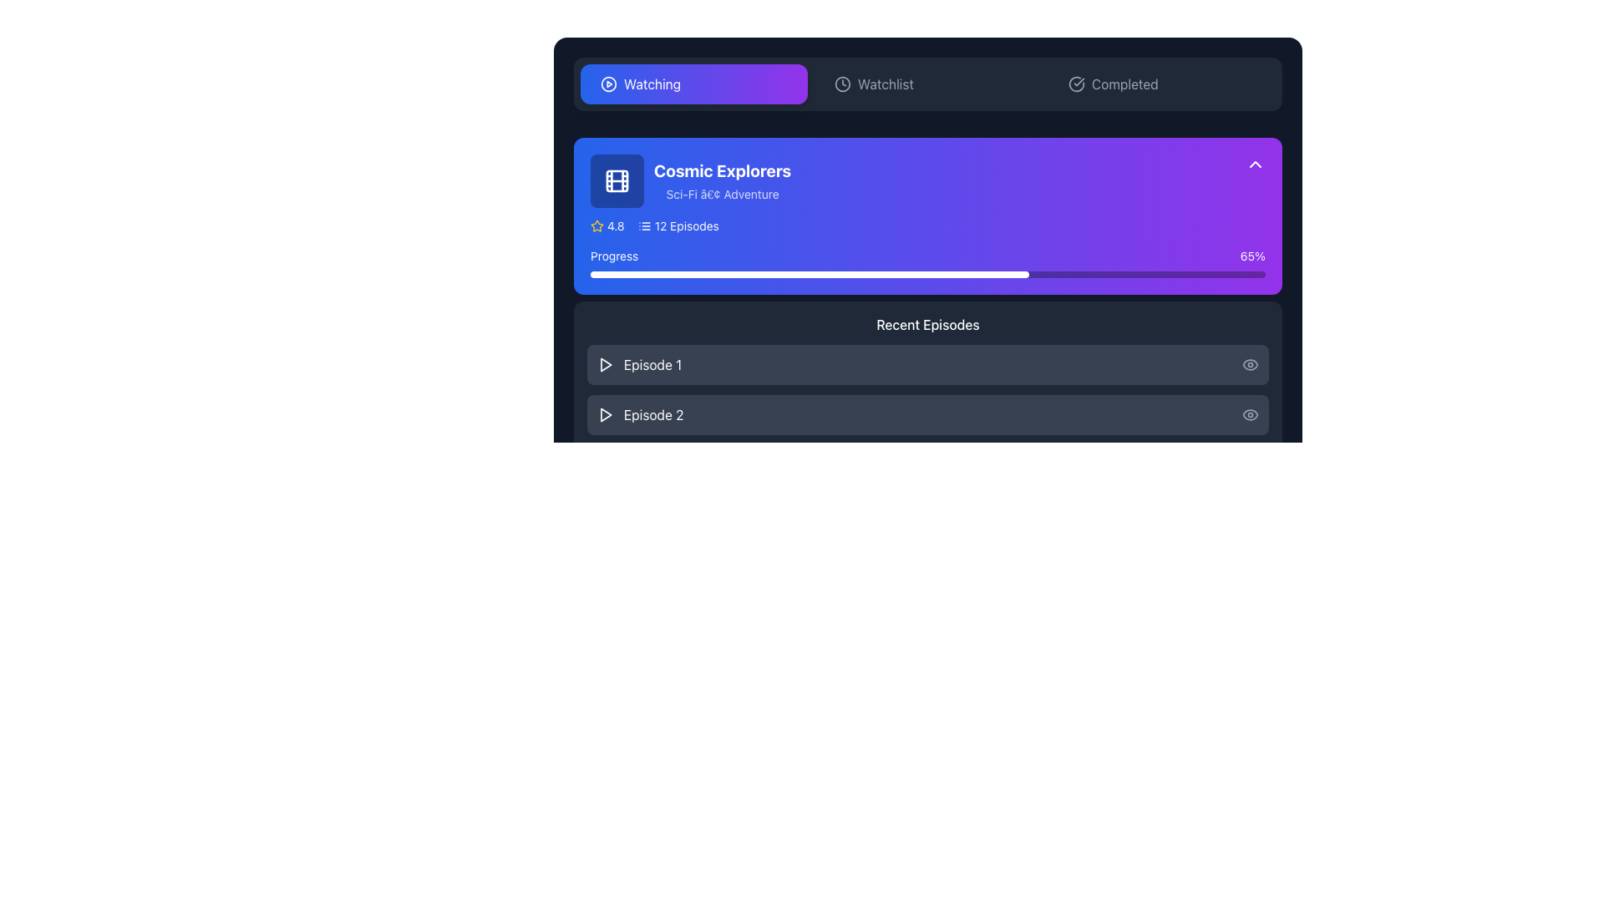  Describe the element at coordinates (926, 414) in the screenshot. I see `the second episode item in the 'Recent Episodes' list, which is located below 'Episode 1' and above 'Episode 3'` at that location.